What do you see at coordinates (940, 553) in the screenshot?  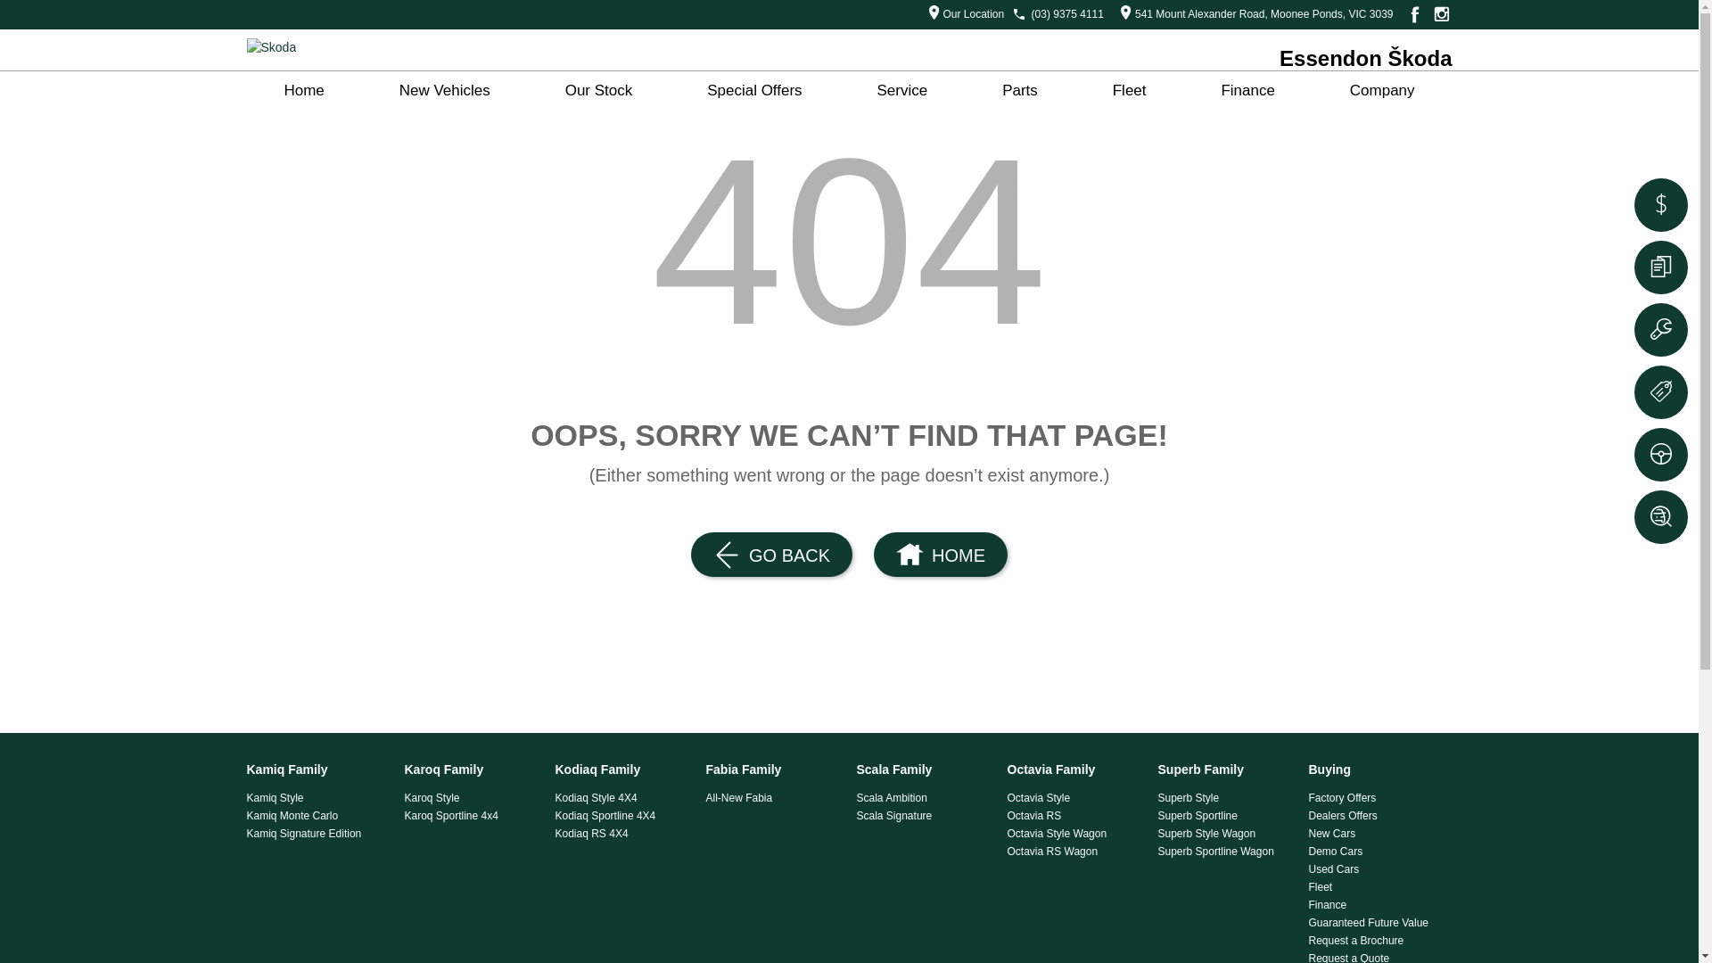 I see `'HOME'` at bounding box center [940, 553].